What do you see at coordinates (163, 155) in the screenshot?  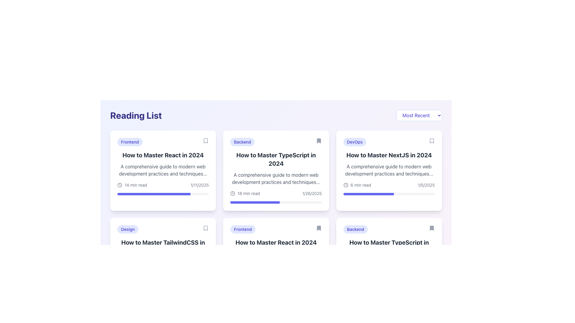 I see `the title text element of the content card introducing an article on mastering React in 2024` at bounding box center [163, 155].